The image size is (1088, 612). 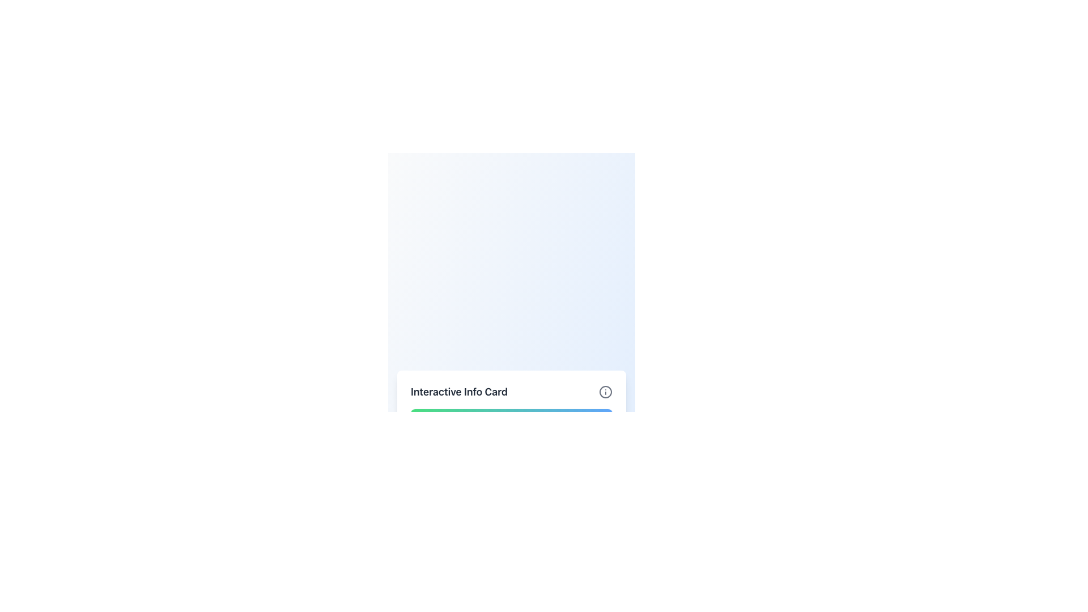 I want to click on the SVG Circle that serves as the base of the information icon, located at the center of the lower part of the interface, adjacent to the 'Interactive Info Card' label, so click(x=605, y=391).